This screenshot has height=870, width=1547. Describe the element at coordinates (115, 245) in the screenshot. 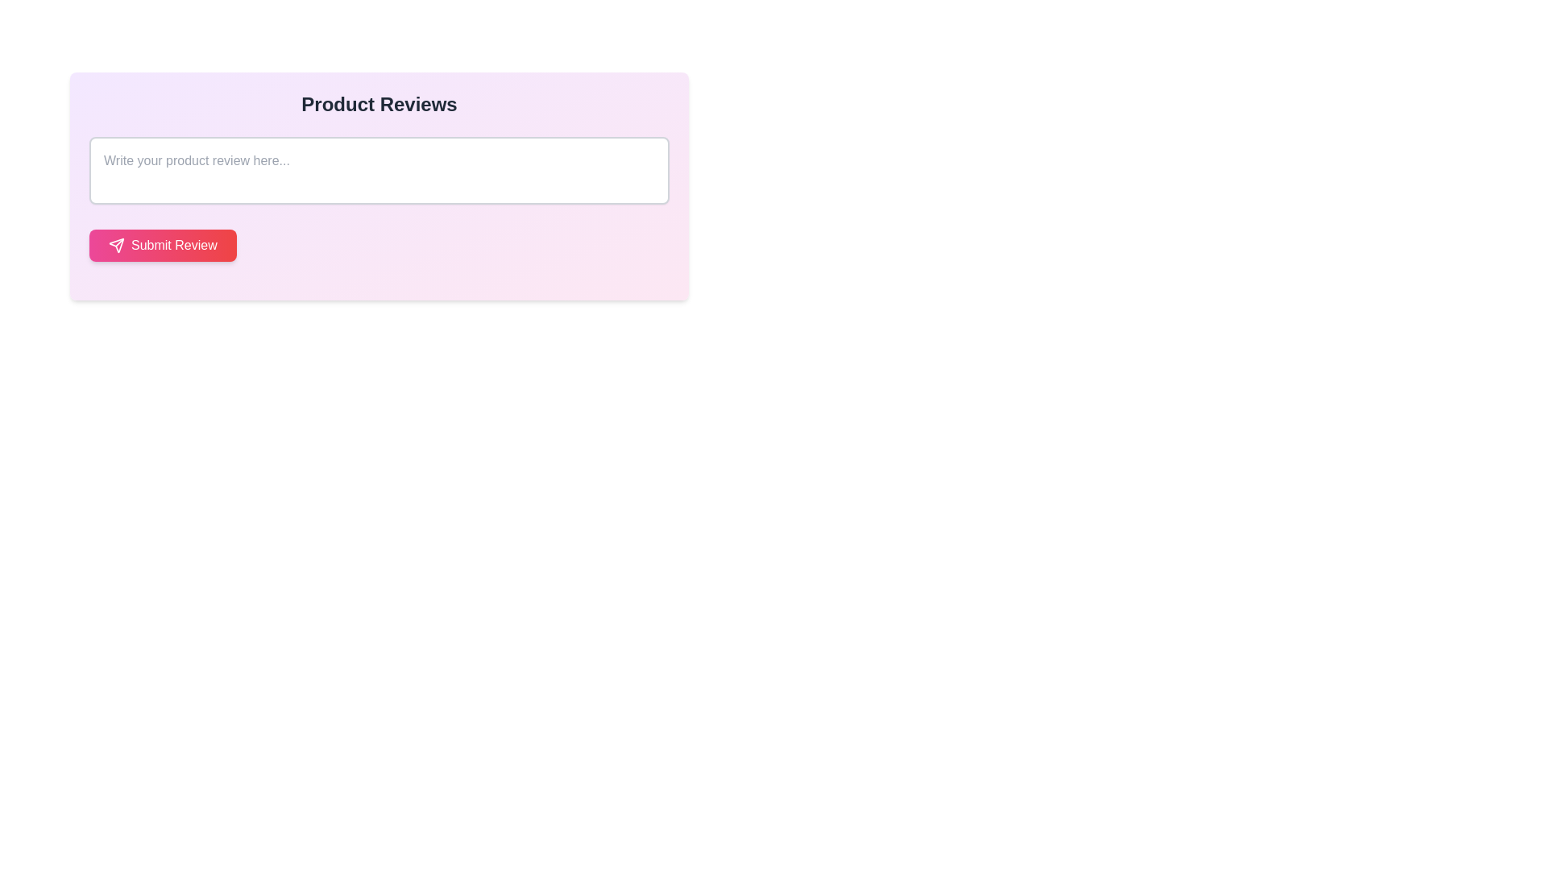

I see `the paper airplane icon` at that location.